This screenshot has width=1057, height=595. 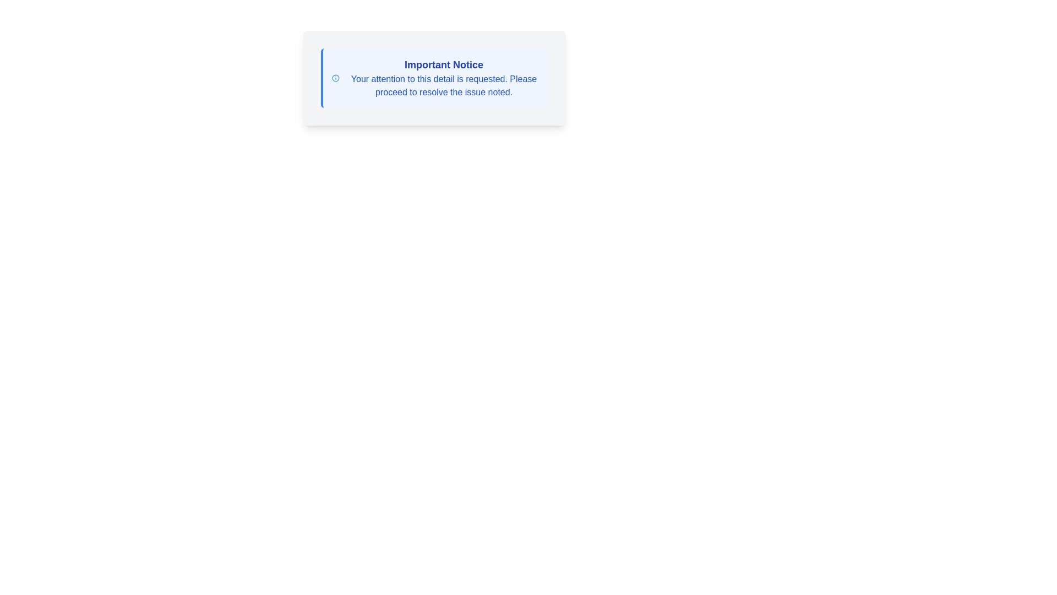 I want to click on the notification message text located in the light blue styled notification box, so click(x=444, y=78).